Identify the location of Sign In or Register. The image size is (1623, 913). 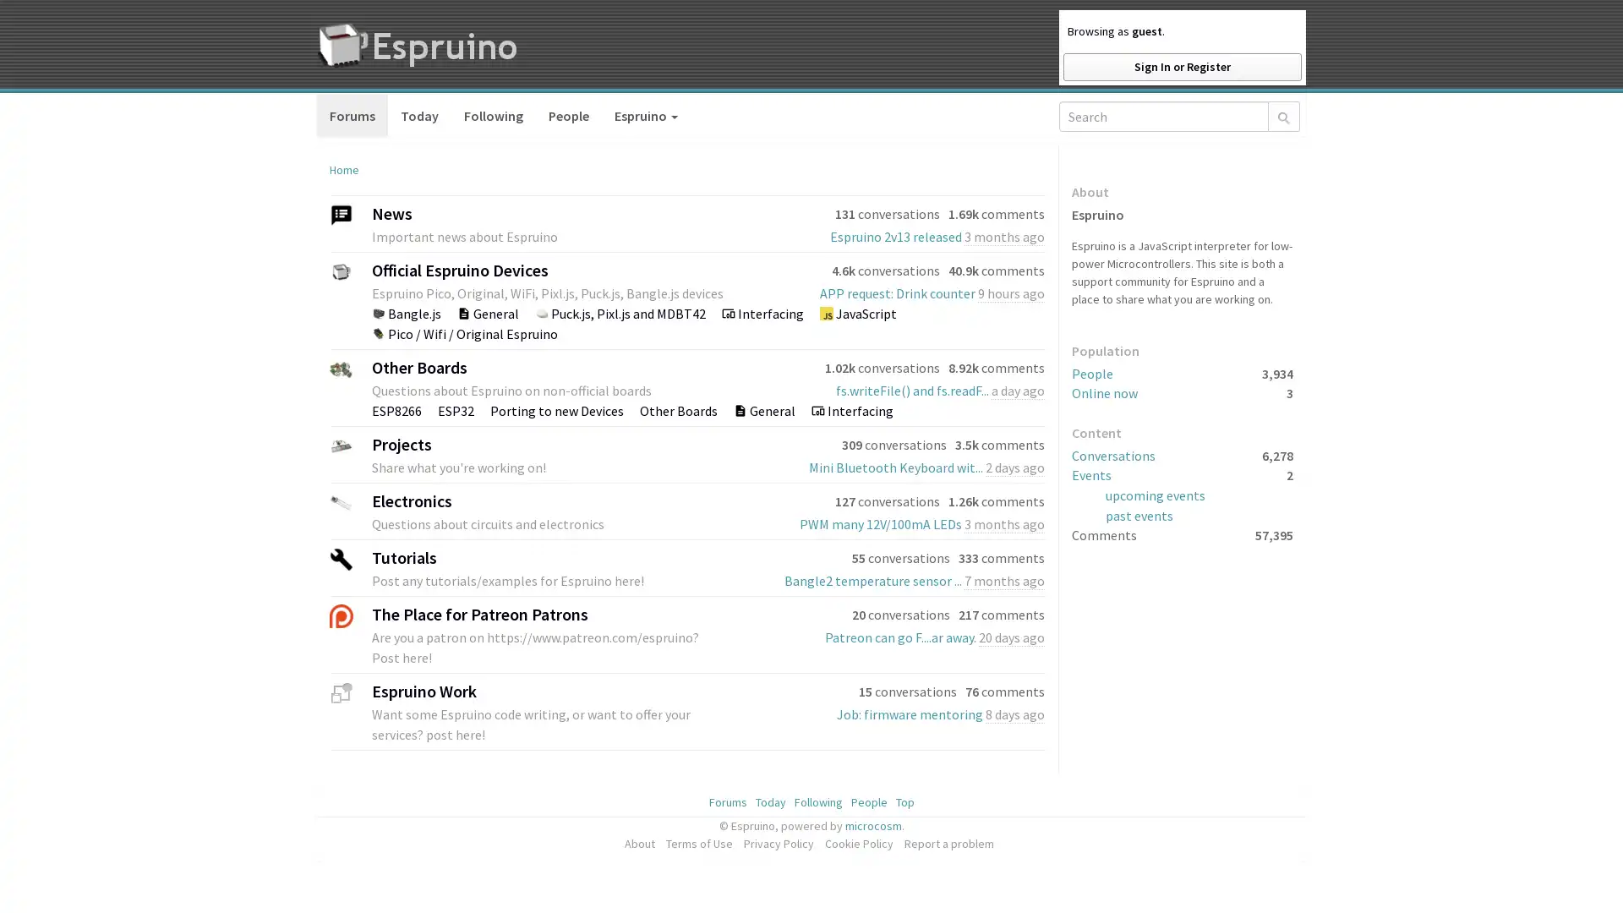
(1181, 66).